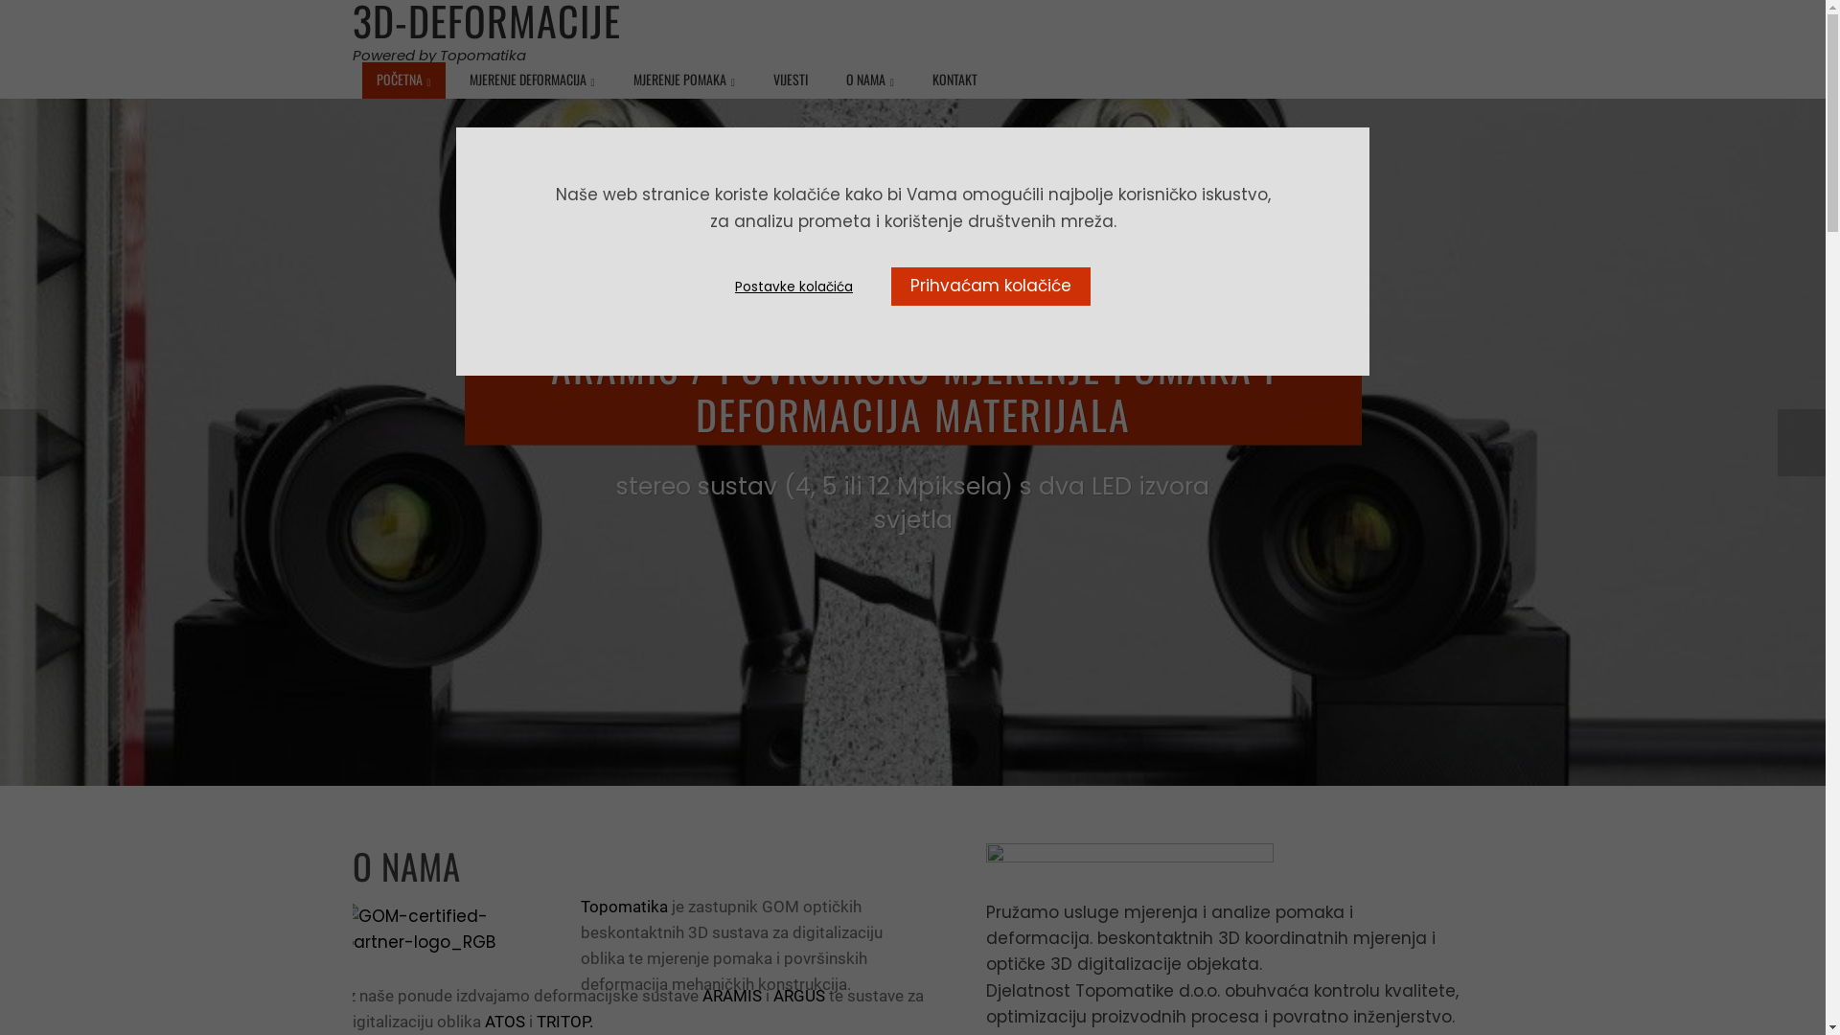  I want to click on 'O NAMA', so click(868, 80).